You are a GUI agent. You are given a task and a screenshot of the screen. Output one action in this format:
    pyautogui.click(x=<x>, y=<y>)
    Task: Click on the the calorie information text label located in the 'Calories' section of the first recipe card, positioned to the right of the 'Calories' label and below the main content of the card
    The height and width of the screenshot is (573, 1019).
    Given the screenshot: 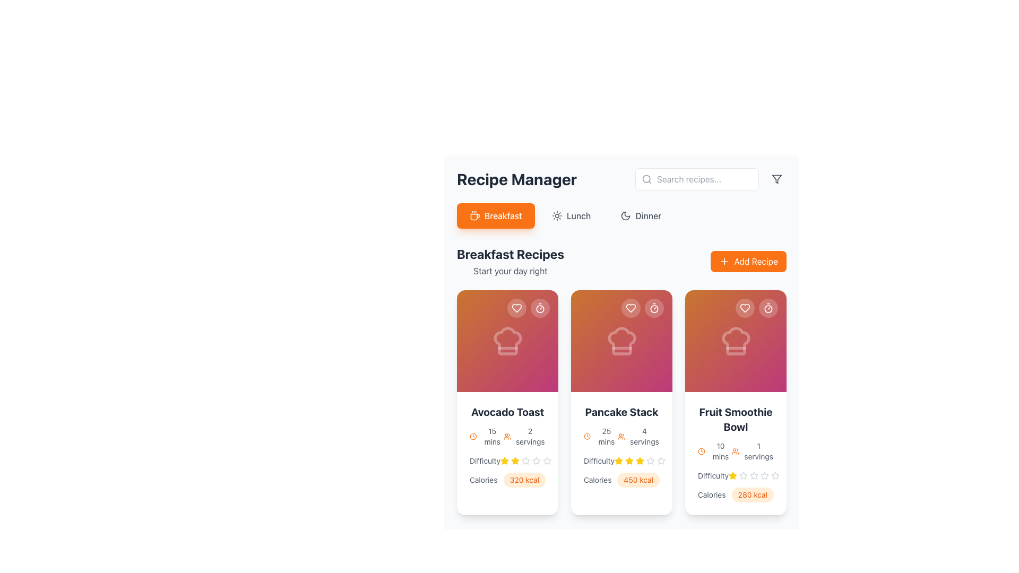 What is the action you would take?
    pyautogui.click(x=524, y=480)
    